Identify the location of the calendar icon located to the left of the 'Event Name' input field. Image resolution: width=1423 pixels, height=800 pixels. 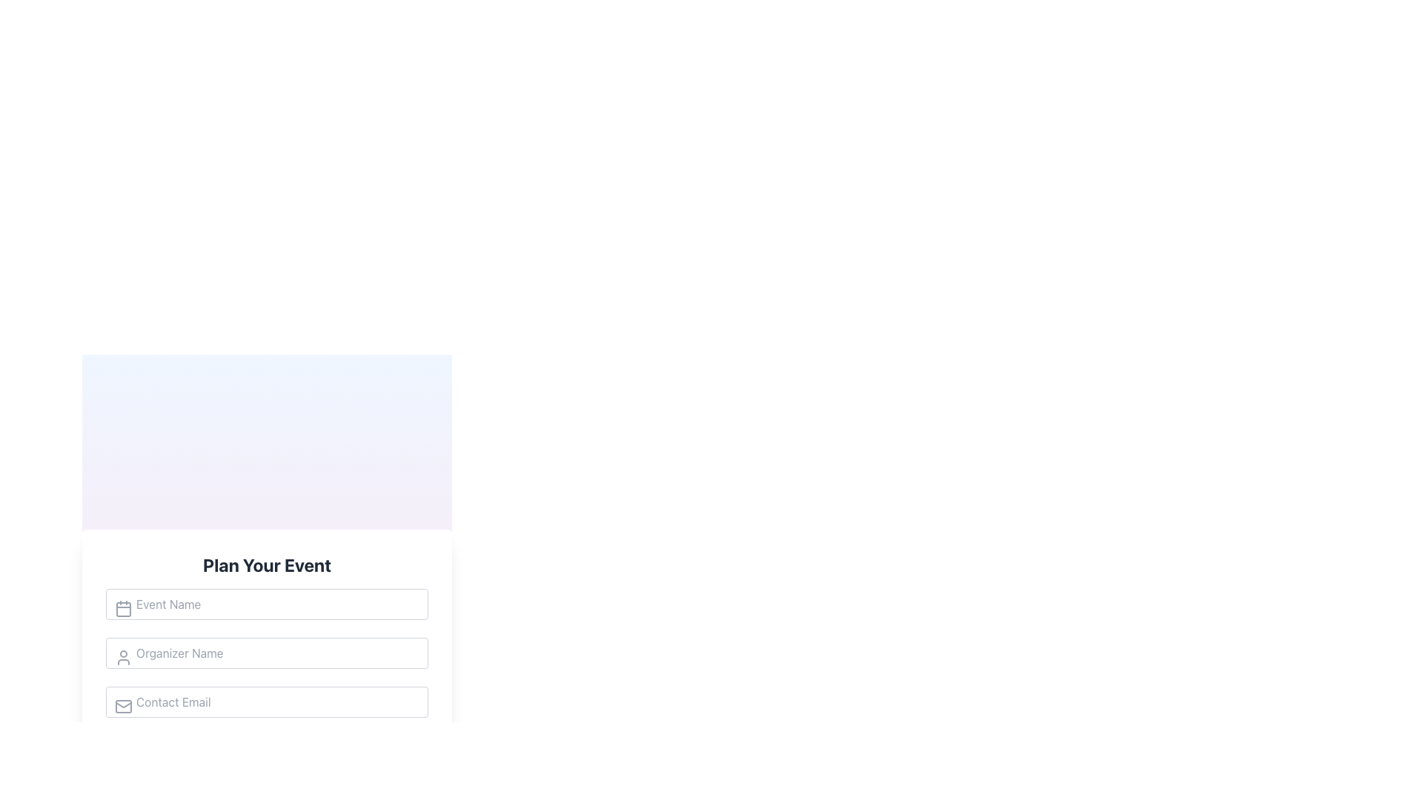
(124, 608).